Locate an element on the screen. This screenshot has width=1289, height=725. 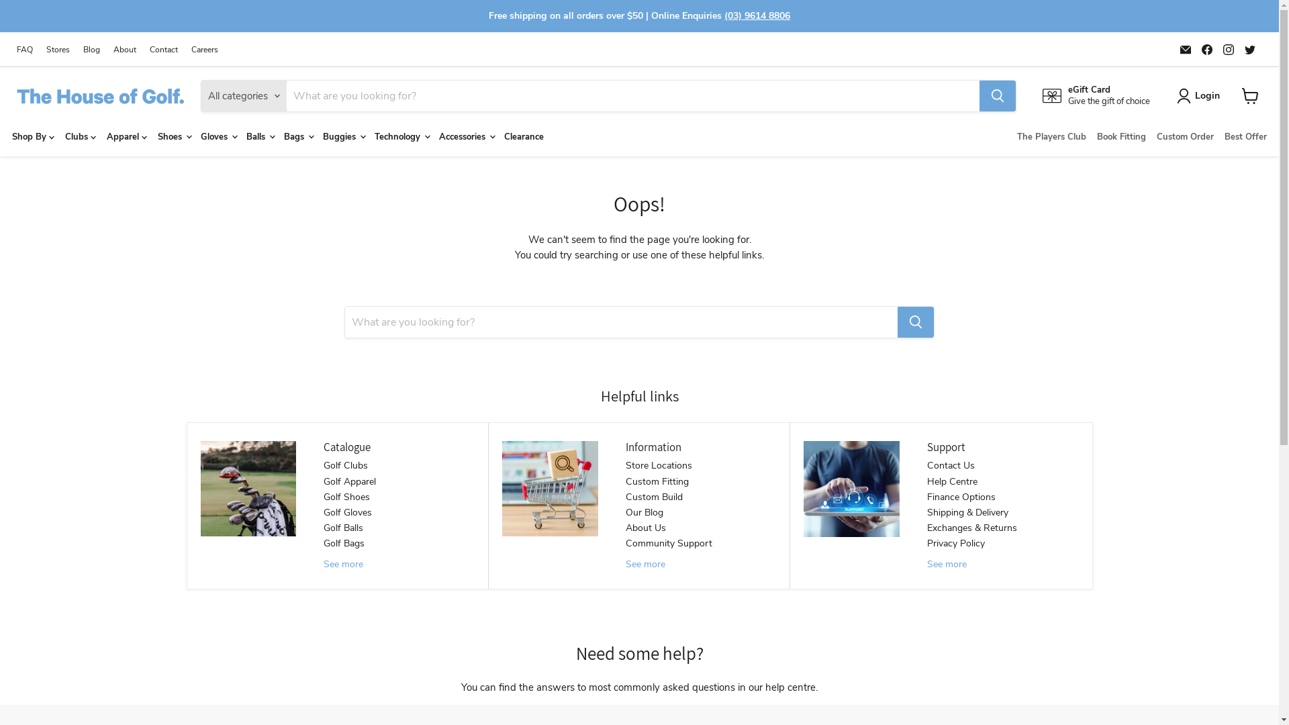
'About Us' is located at coordinates (645, 527).